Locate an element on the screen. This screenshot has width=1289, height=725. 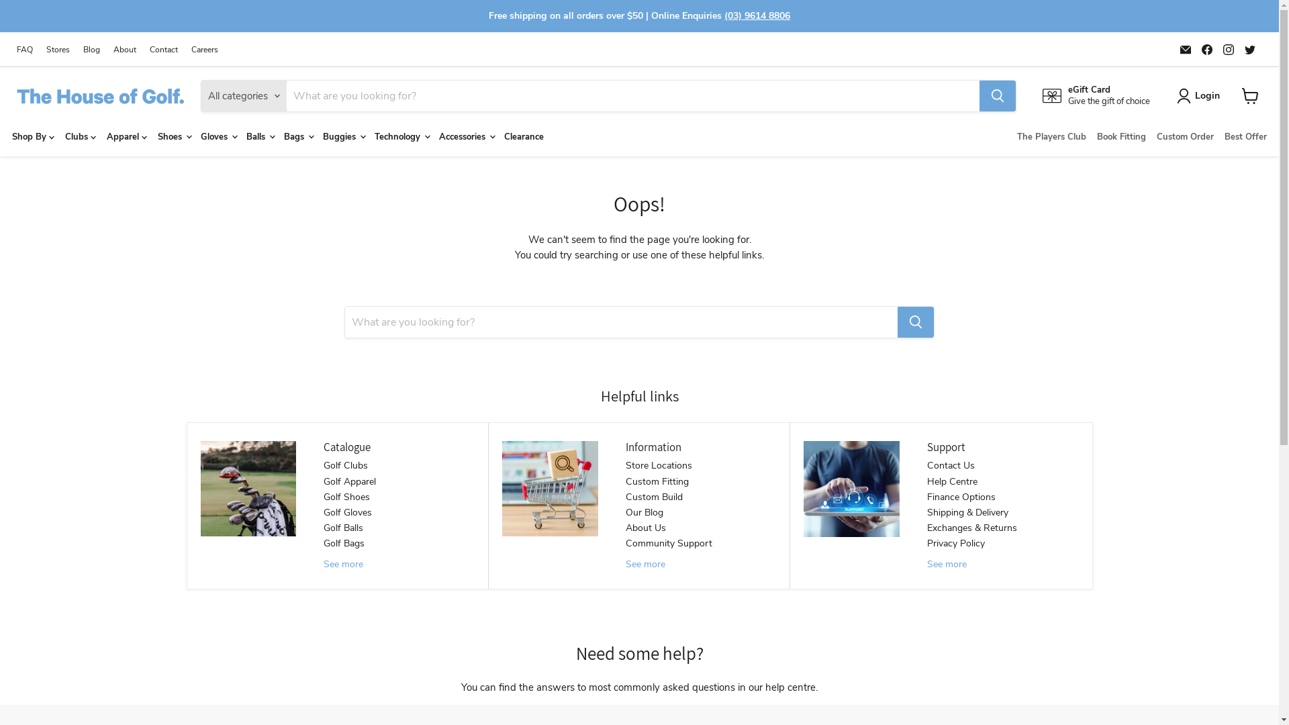
'About Us' is located at coordinates (645, 527).